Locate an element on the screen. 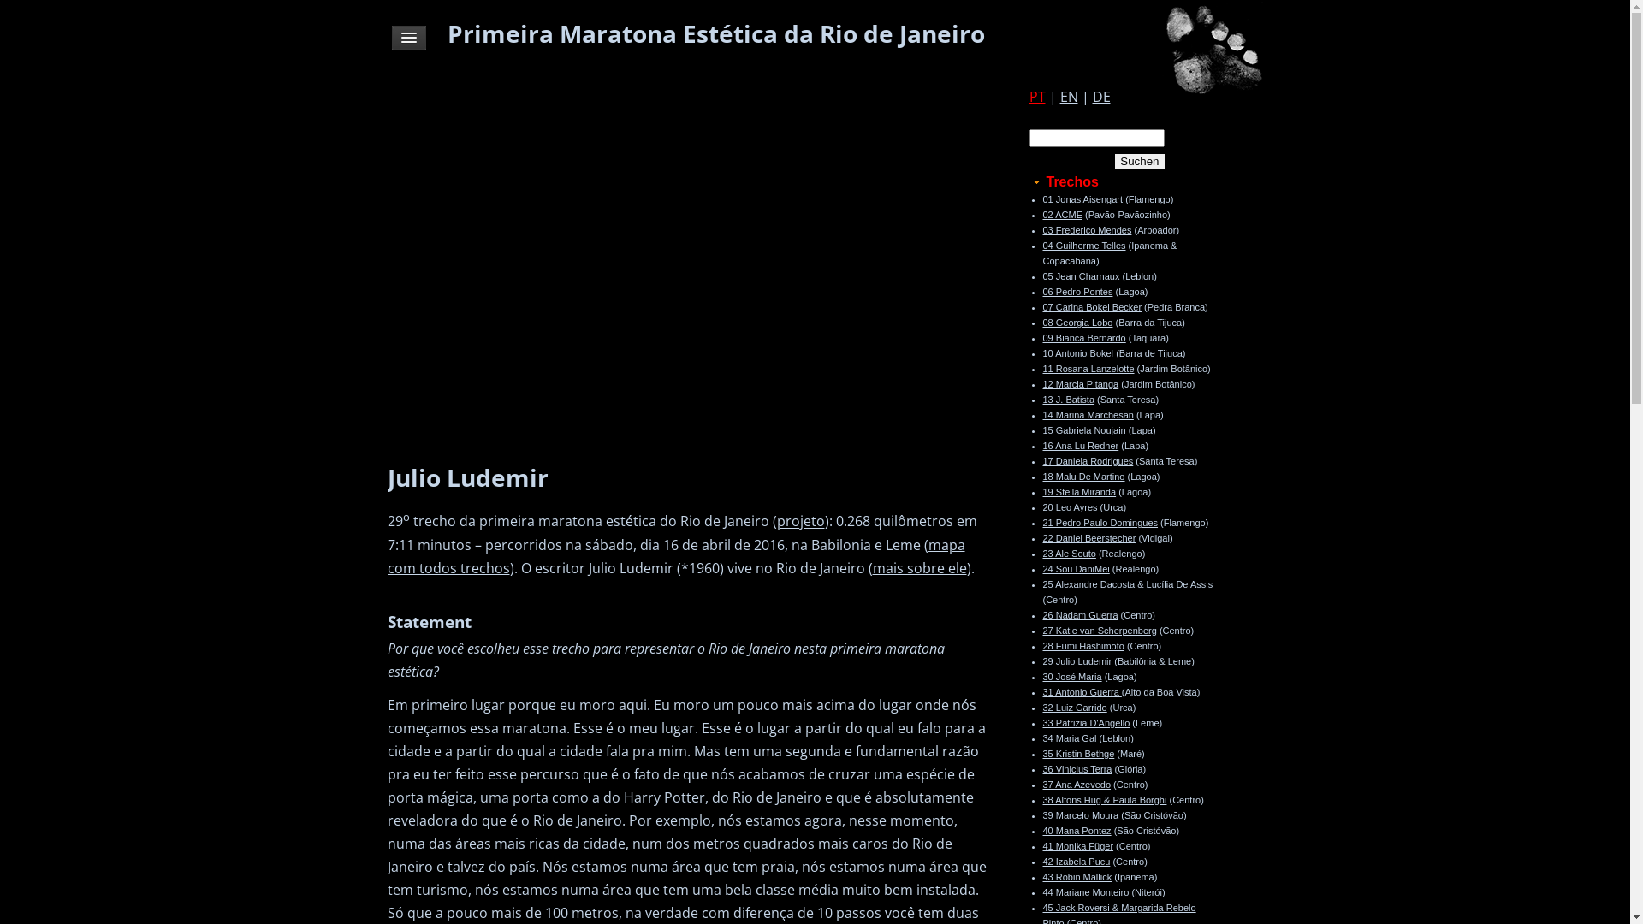 The width and height of the screenshot is (1643, 924). '35 Kristin Bethge' is located at coordinates (1077, 752).